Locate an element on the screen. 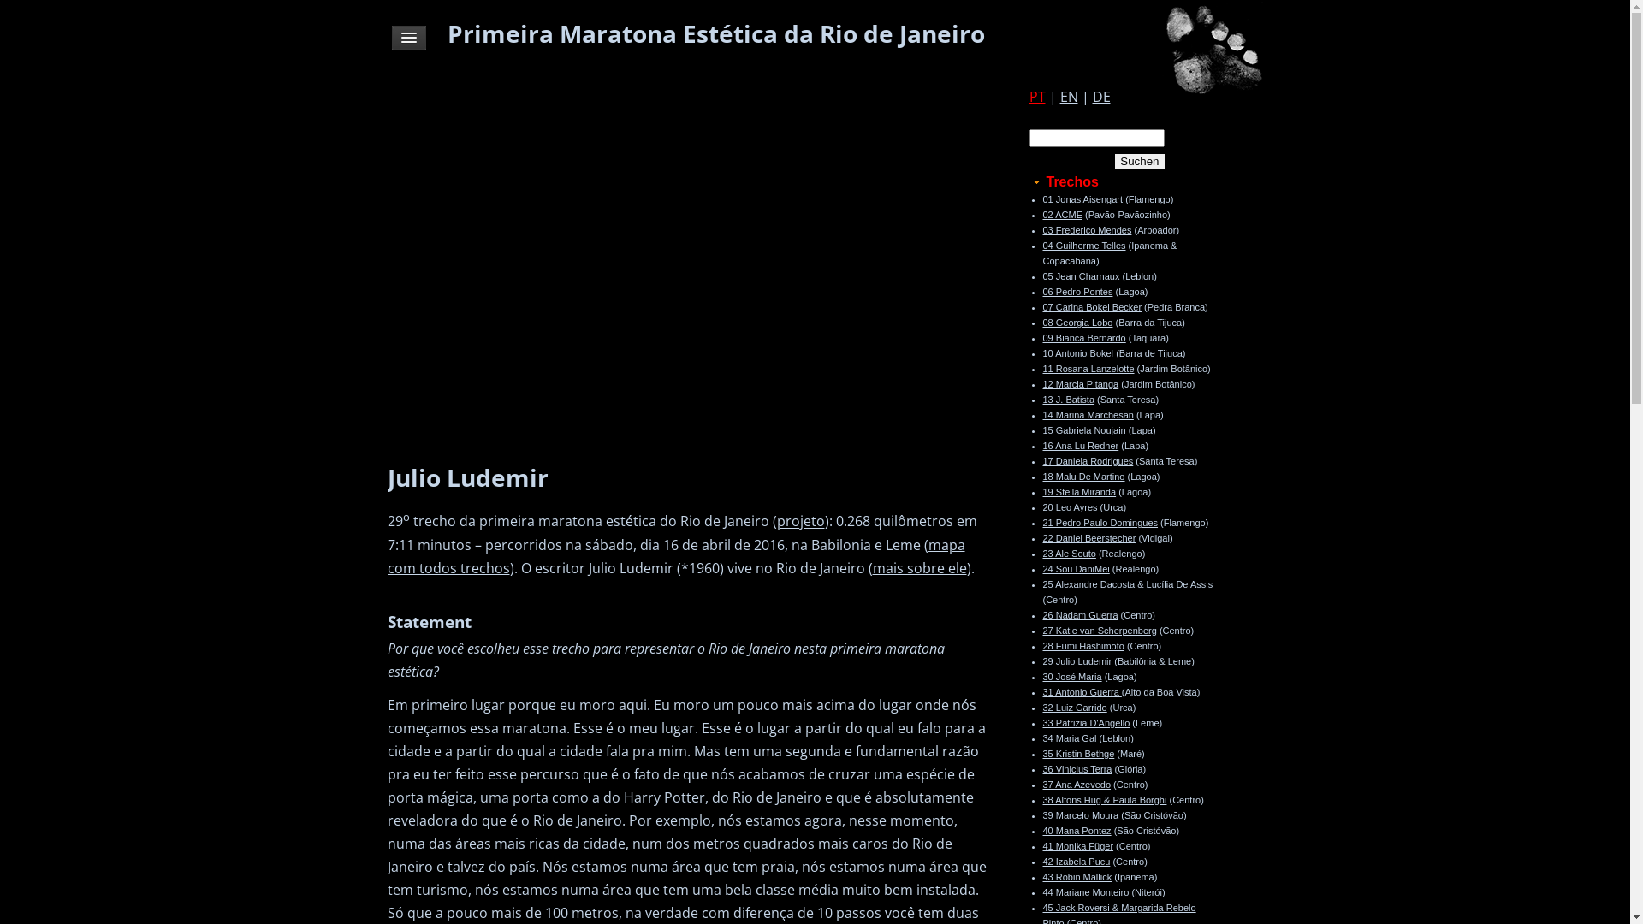 The width and height of the screenshot is (1643, 924). '35 Kristin Bethge' is located at coordinates (1077, 752).